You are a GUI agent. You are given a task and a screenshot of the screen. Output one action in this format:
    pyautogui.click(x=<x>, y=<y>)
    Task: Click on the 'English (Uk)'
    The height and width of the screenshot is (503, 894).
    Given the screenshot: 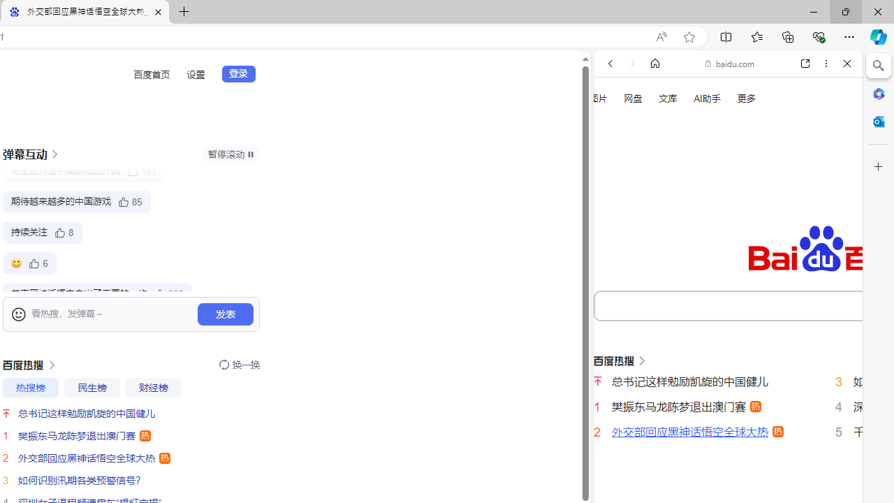 What is the action you would take?
    pyautogui.click(x=727, y=434)
    